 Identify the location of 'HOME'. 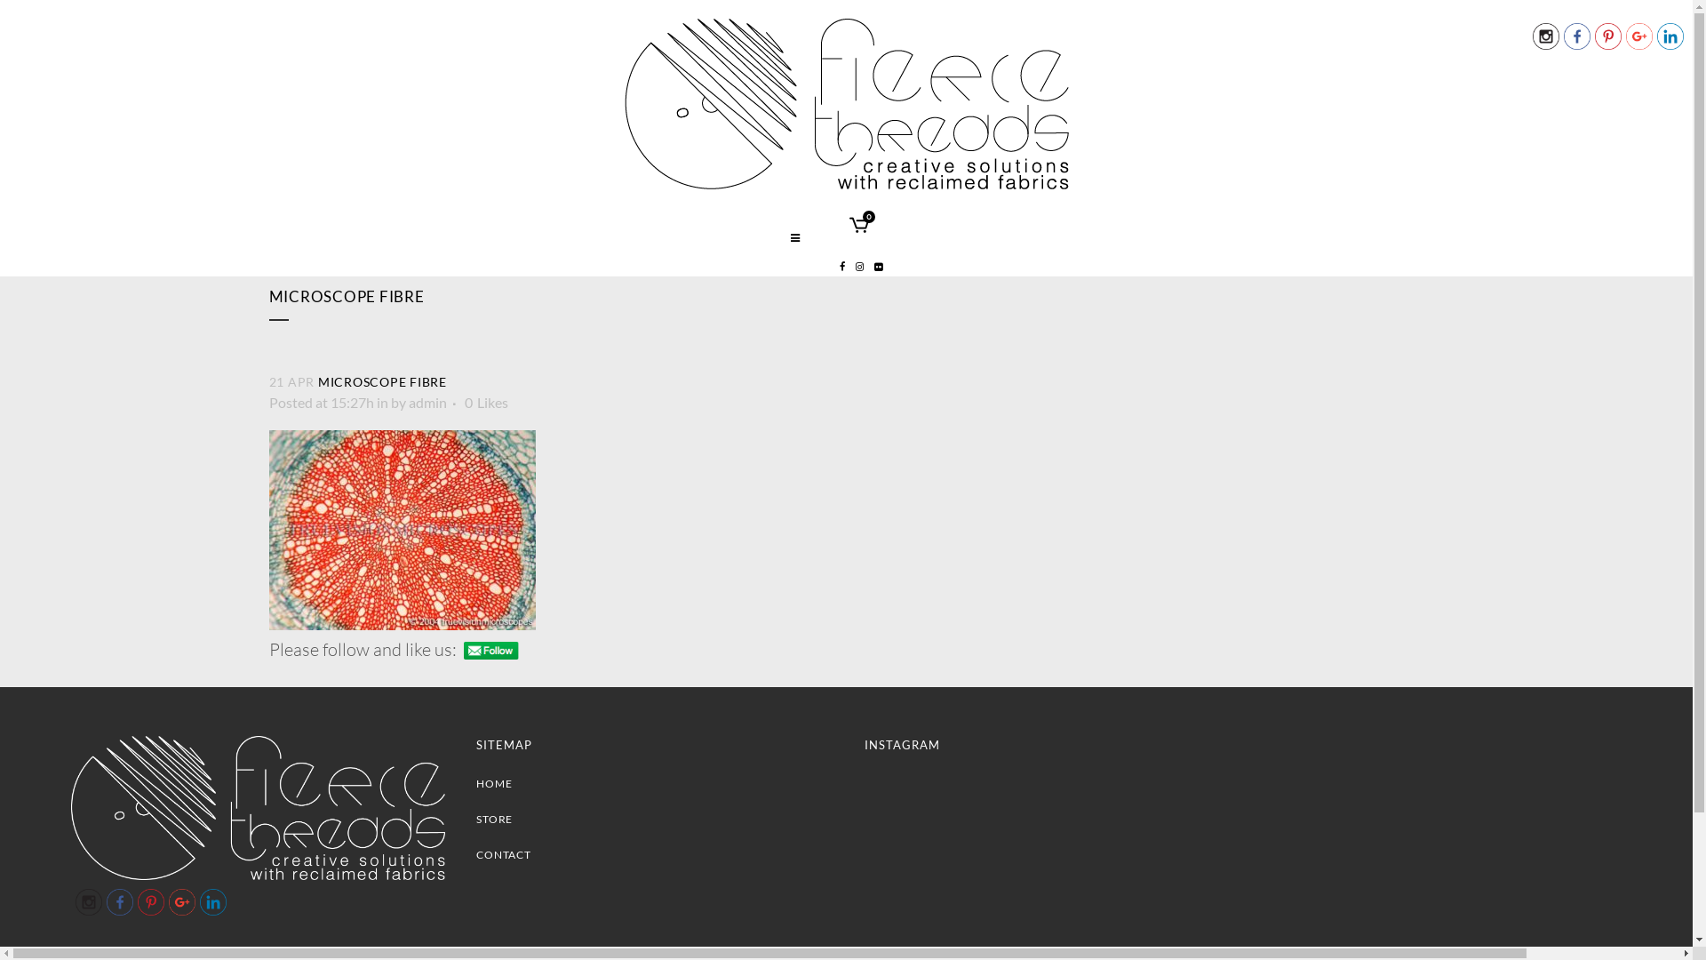
(476, 782).